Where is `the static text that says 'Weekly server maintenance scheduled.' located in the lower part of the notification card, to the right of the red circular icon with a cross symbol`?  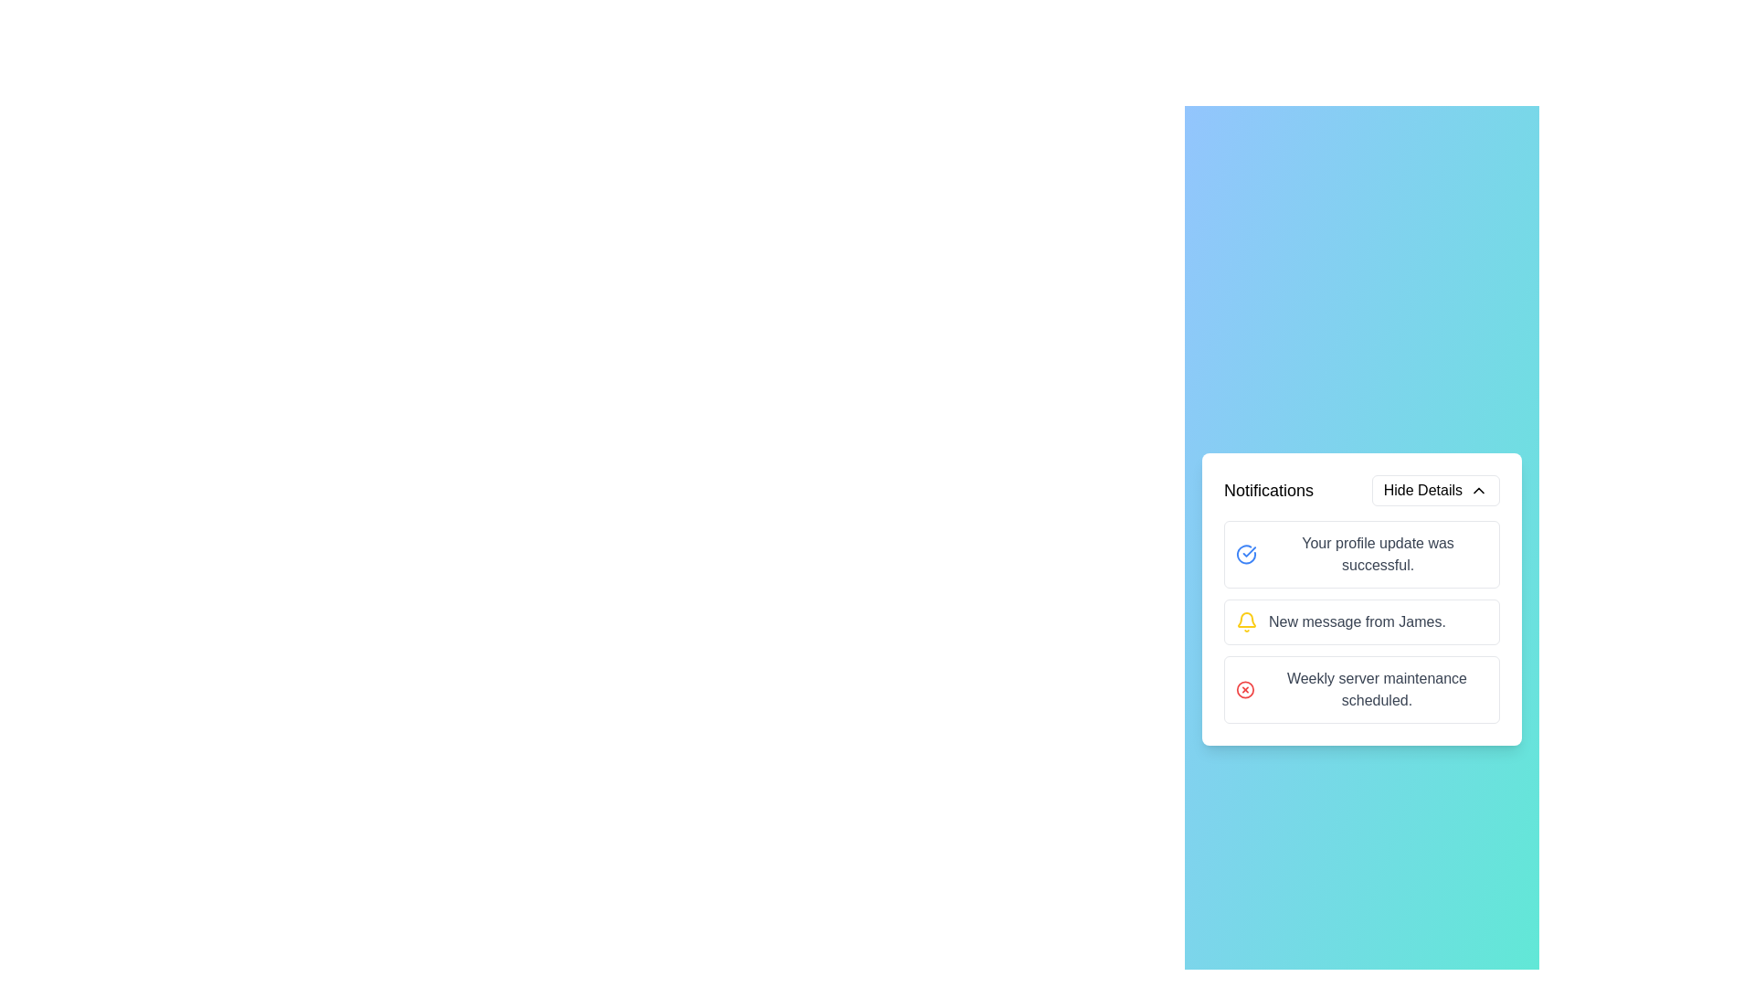
the static text that says 'Weekly server maintenance scheduled.' located in the lower part of the notification card, to the right of the red circular icon with a cross symbol is located at coordinates (1377, 690).